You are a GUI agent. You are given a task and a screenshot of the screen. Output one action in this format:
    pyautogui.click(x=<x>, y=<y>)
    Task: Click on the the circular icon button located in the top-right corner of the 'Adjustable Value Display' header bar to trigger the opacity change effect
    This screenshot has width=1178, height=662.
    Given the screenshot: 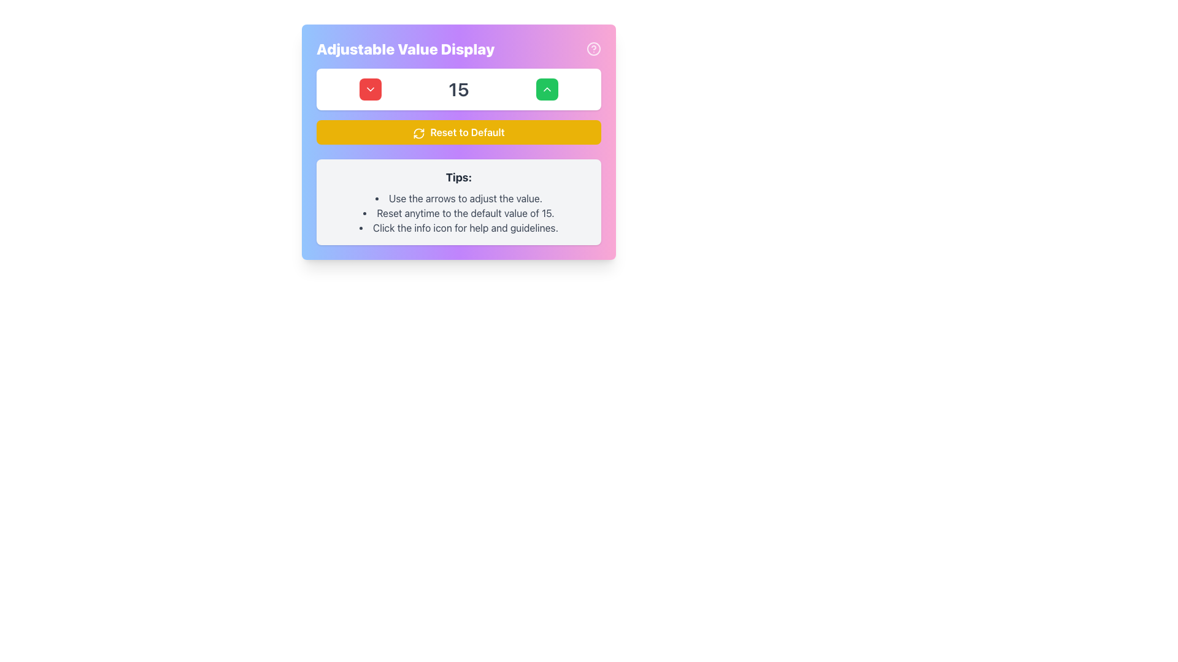 What is the action you would take?
    pyautogui.click(x=594, y=48)
    